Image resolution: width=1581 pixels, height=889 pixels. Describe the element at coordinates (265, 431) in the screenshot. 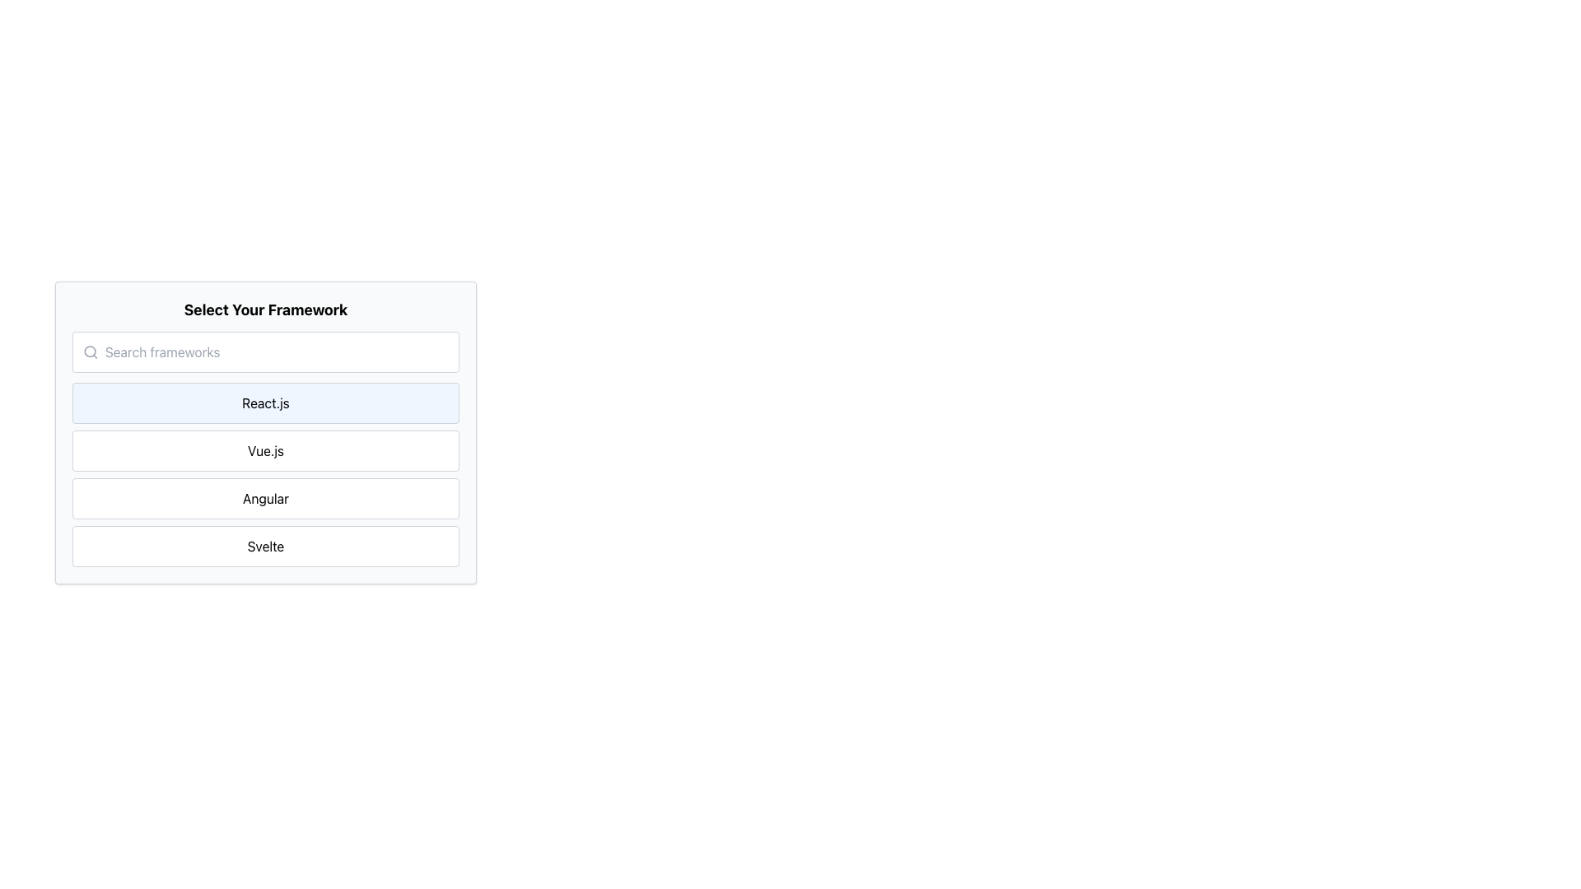

I see `the highlighted option Vue.js in the selectable list of frameworks` at that location.